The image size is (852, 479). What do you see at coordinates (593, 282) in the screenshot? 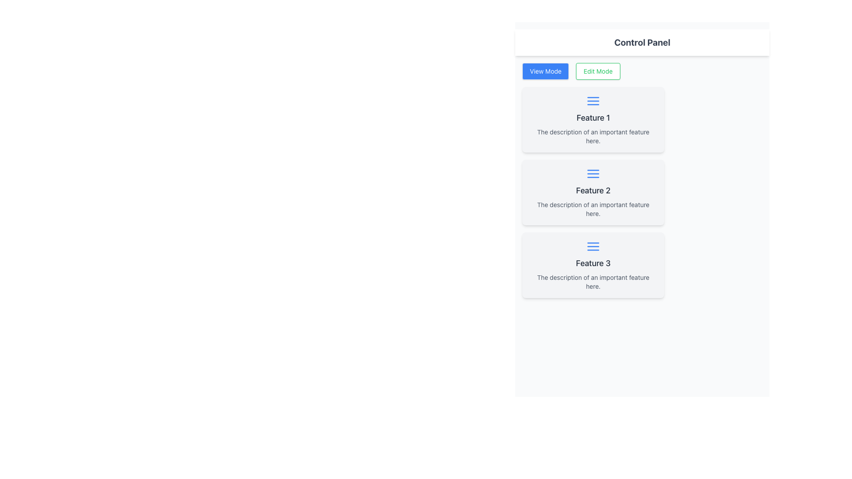
I see `the static text element that reads 'The description of an important feature here.' located below the title 'Feature 3' within its card layout` at bounding box center [593, 282].